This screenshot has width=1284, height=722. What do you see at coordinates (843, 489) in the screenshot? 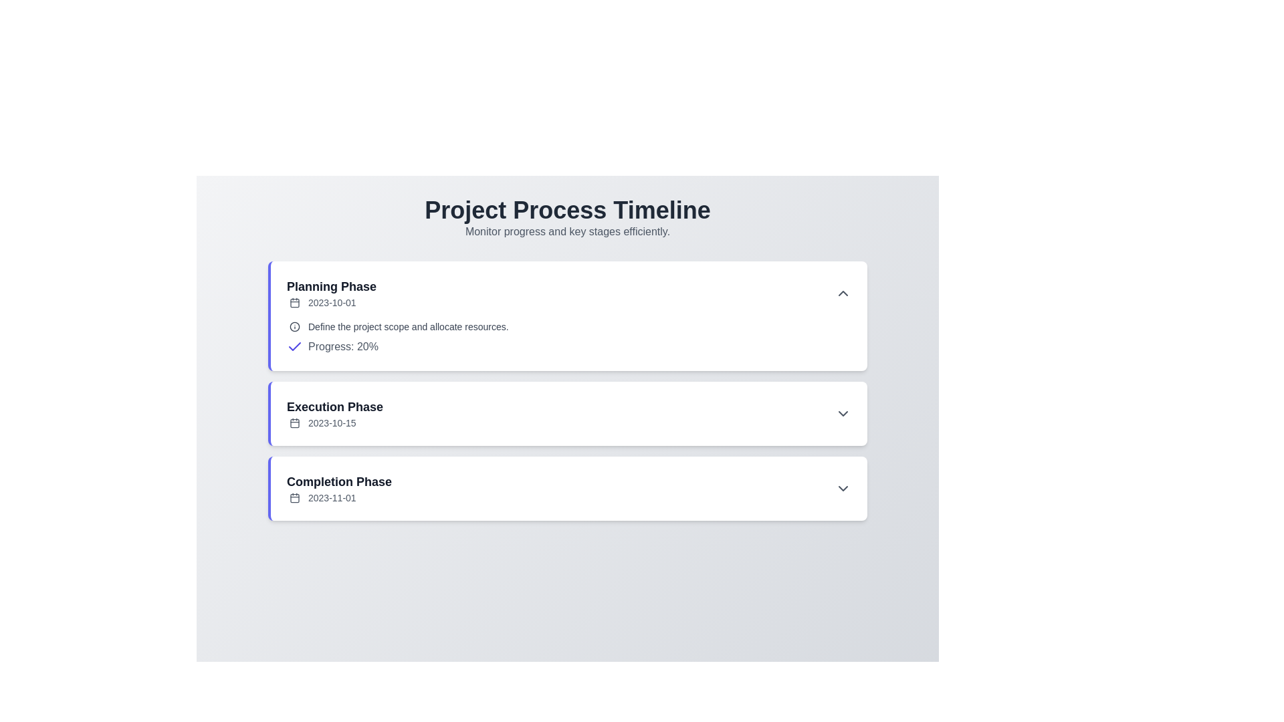
I see `the Chevron icon used as a toggle for expanding or collapsing the 'Completion Phase' section, located on the far-right side of the panel` at bounding box center [843, 489].